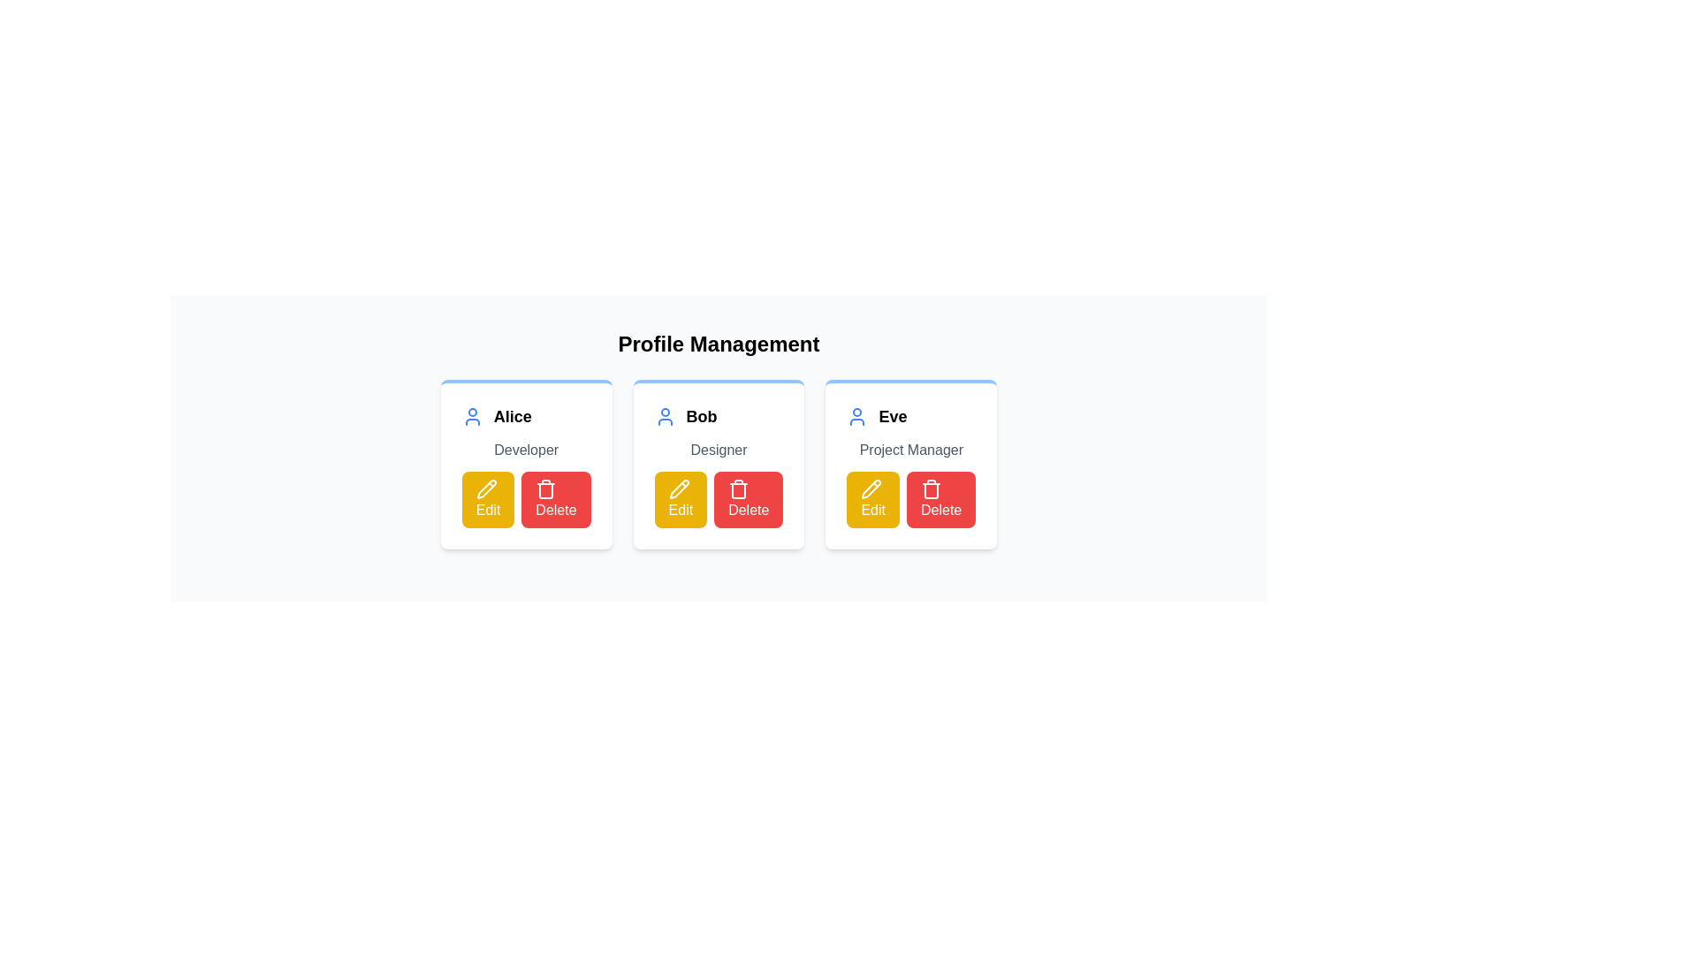 The height and width of the screenshot is (954, 1697). Describe the element at coordinates (545, 489) in the screenshot. I see `the delete icon located to the right of the 'Edit' button within the 'Delete' component of Alice's profile card` at that location.